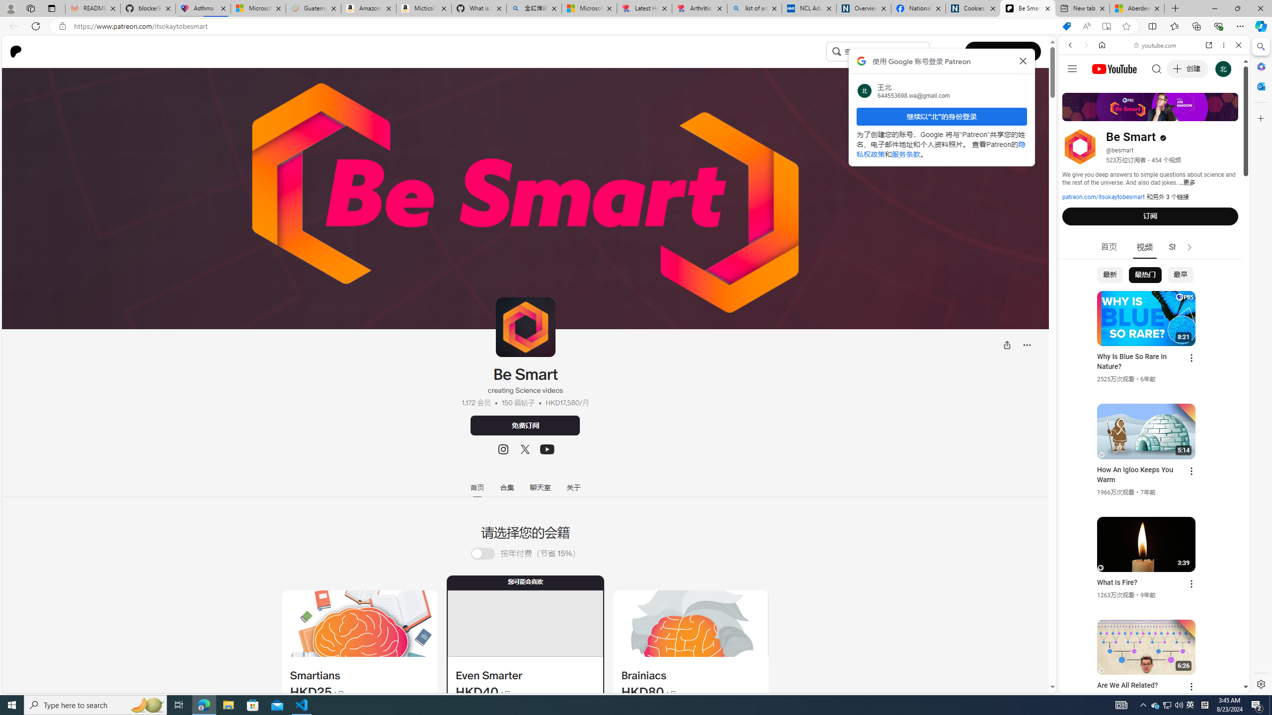 This screenshot has height=715, width=1272. What do you see at coordinates (1153, 294) in the screenshot?
I see `'Trailer #2 [HD]'` at bounding box center [1153, 294].